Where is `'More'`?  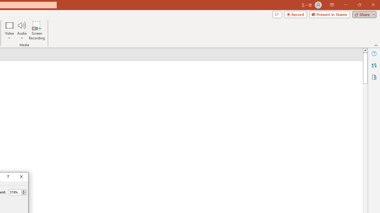 'More' is located at coordinates (23, 191).